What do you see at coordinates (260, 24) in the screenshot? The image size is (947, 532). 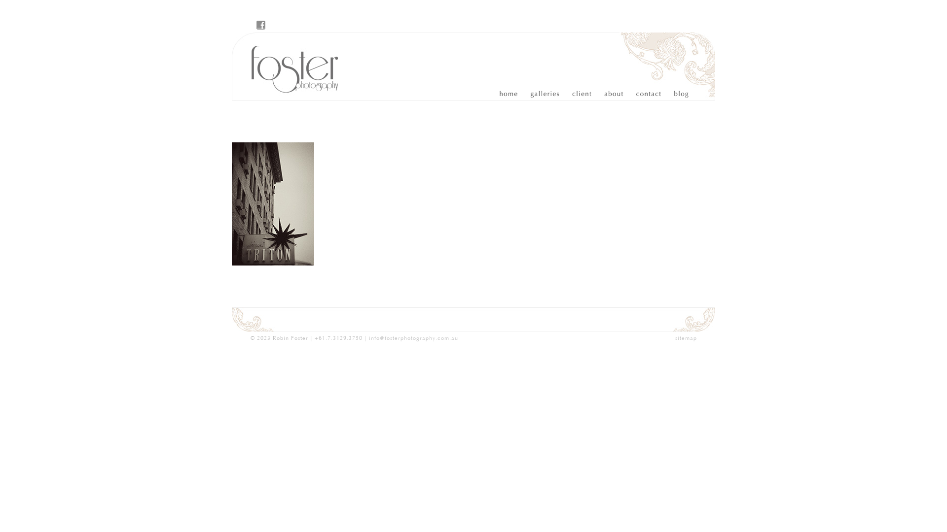 I see `'Visit Foster Photography on Facebook'` at bounding box center [260, 24].